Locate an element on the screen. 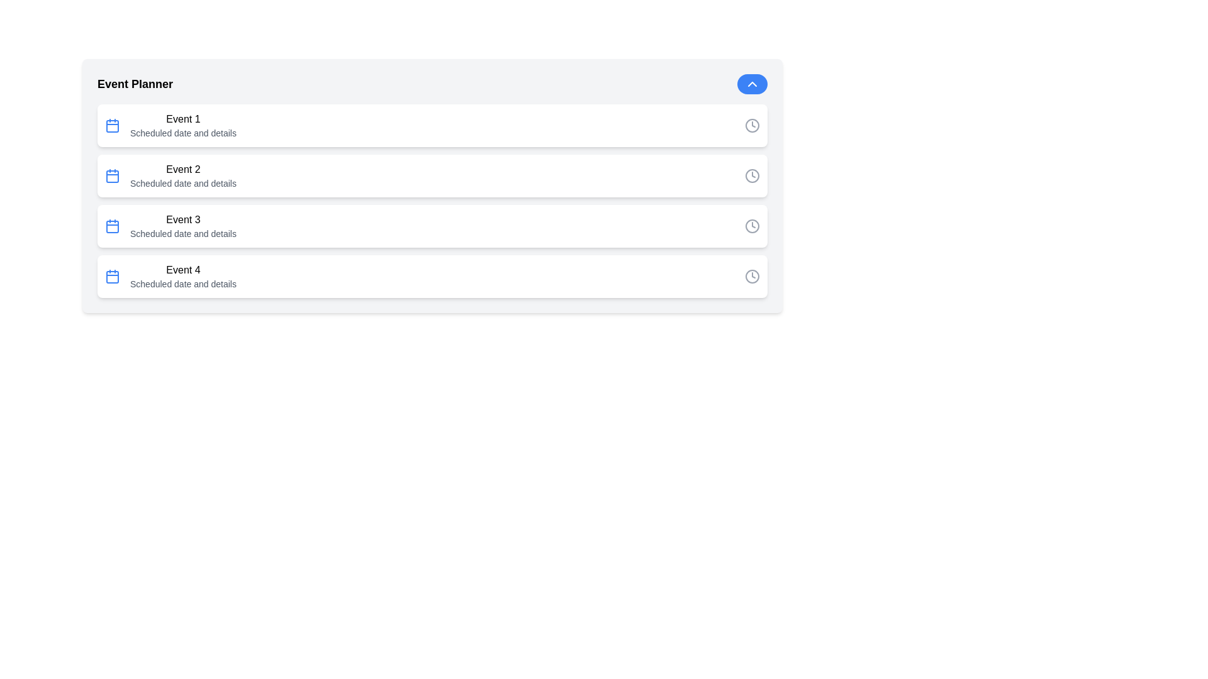 This screenshot has width=1208, height=679. the visual style of the Icon Decoration, which is a rectangular area with rounded corners, part of the calendar icon layout preceding the text description of 'Event 2' is located at coordinates (112, 177).